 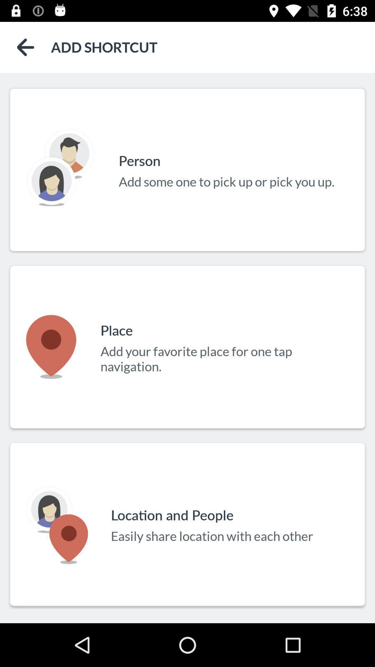 What do you see at coordinates (25, 47) in the screenshot?
I see `the item to the left of add shortcut icon` at bounding box center [25, 47].